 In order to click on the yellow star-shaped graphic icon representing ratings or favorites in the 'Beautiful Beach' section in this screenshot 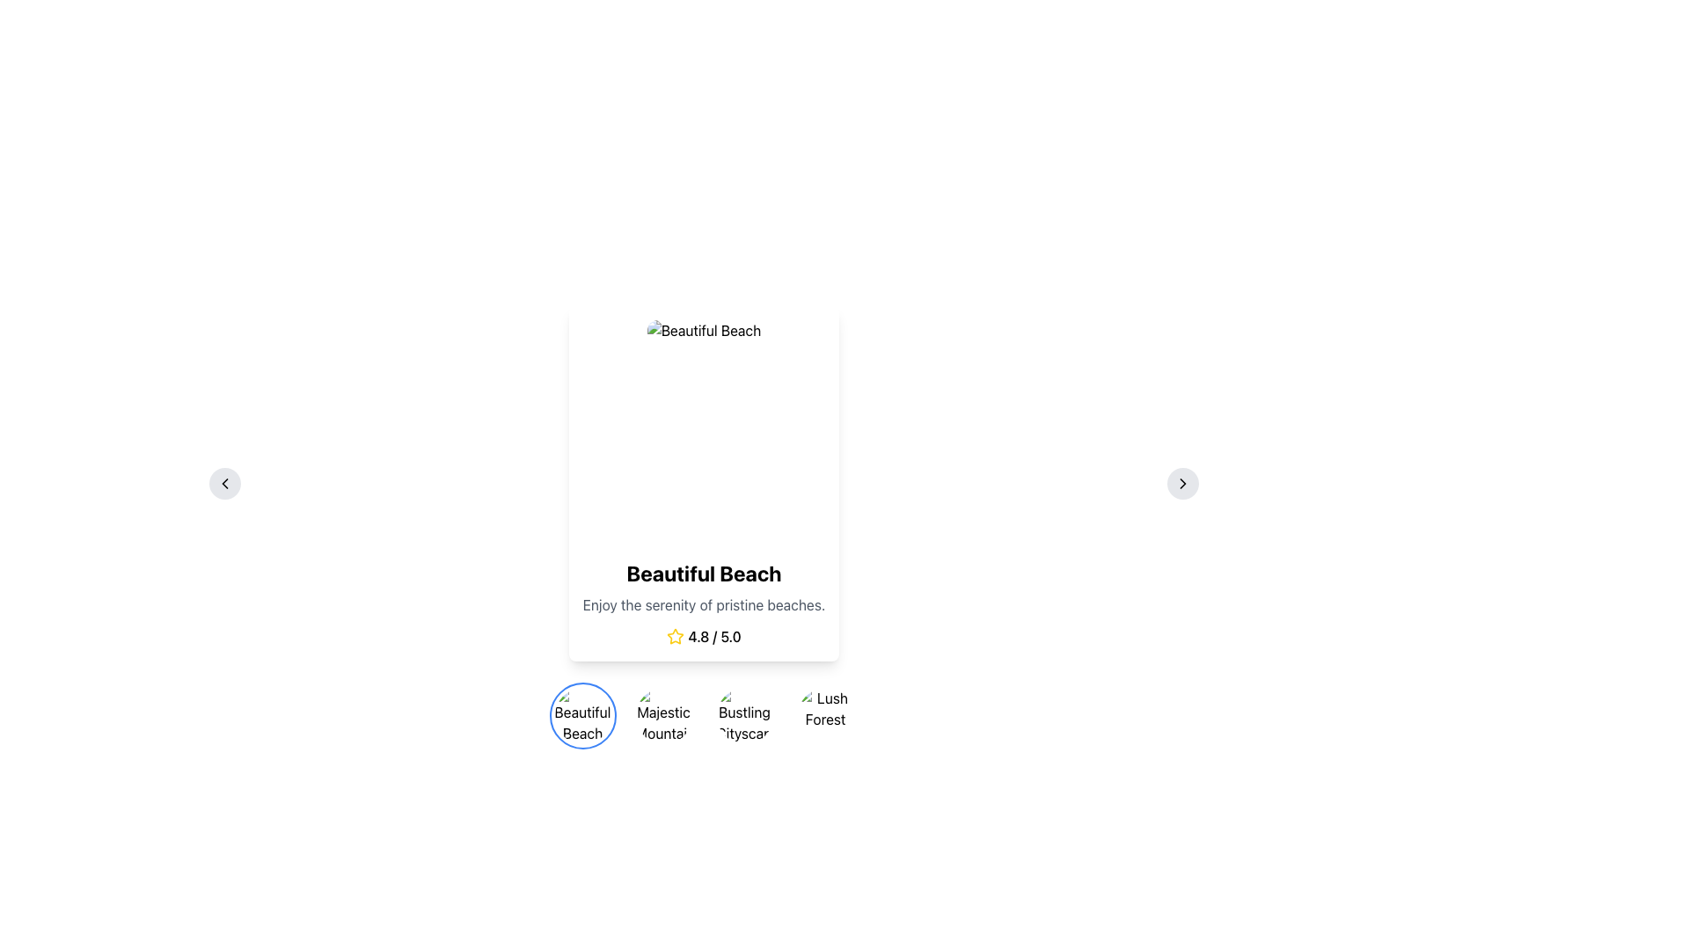, I will do `click(675, 636)`.